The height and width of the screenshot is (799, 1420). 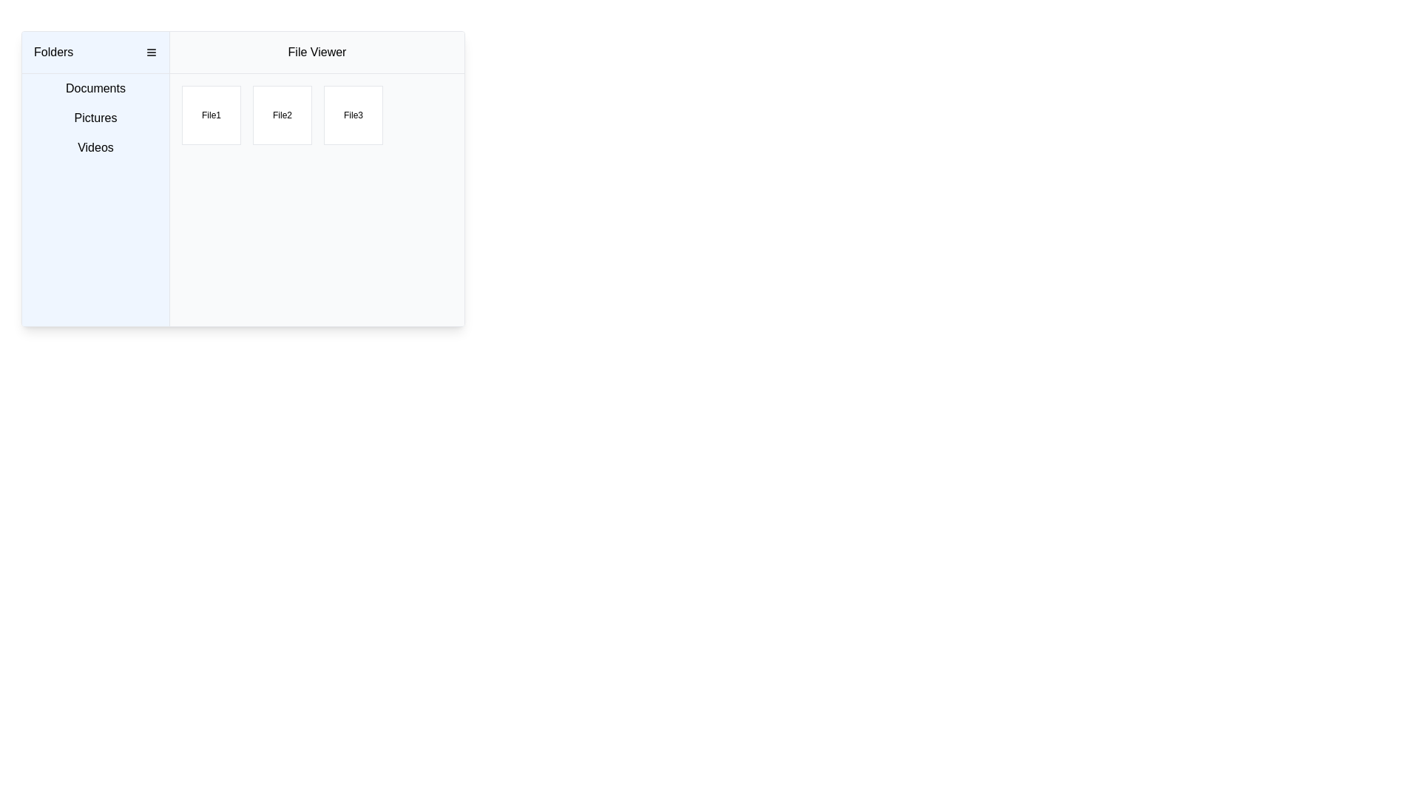 I want to click on the 'Pictures' button-like navigation item, so click(x=95, y=117).